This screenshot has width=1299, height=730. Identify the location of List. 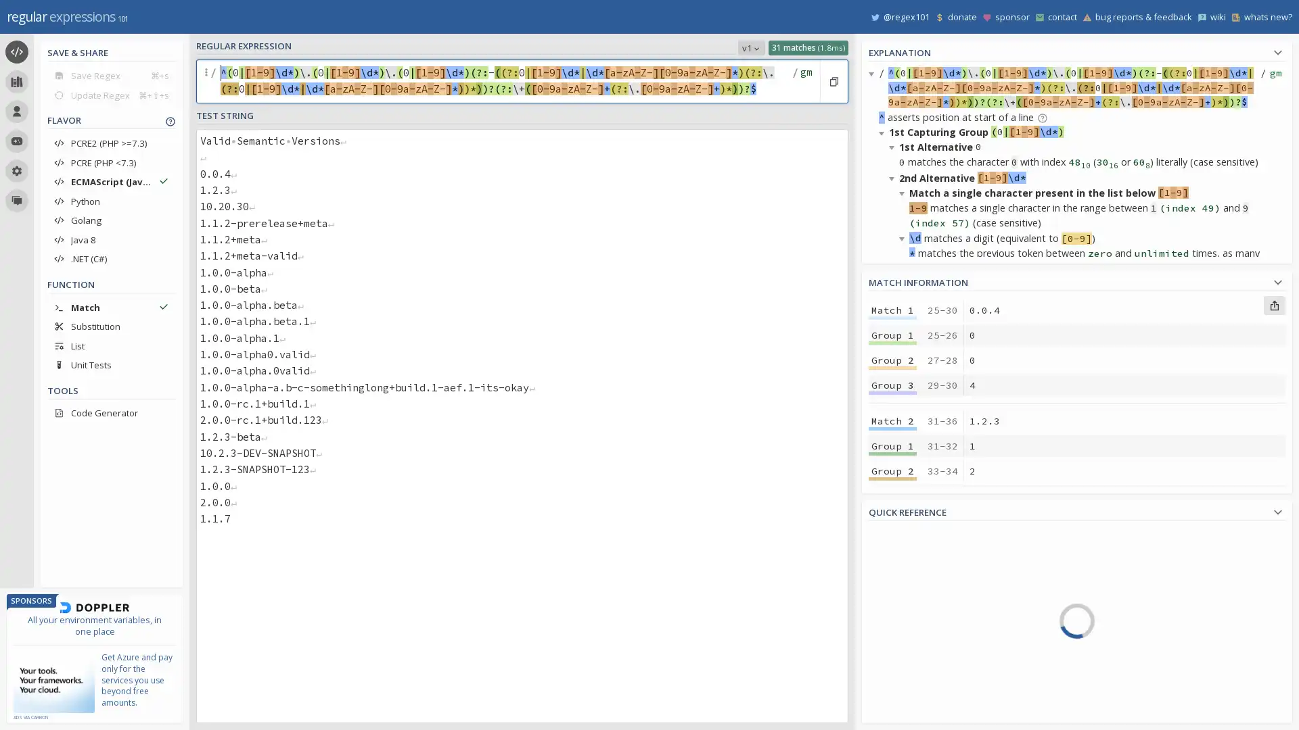
(111, 345).